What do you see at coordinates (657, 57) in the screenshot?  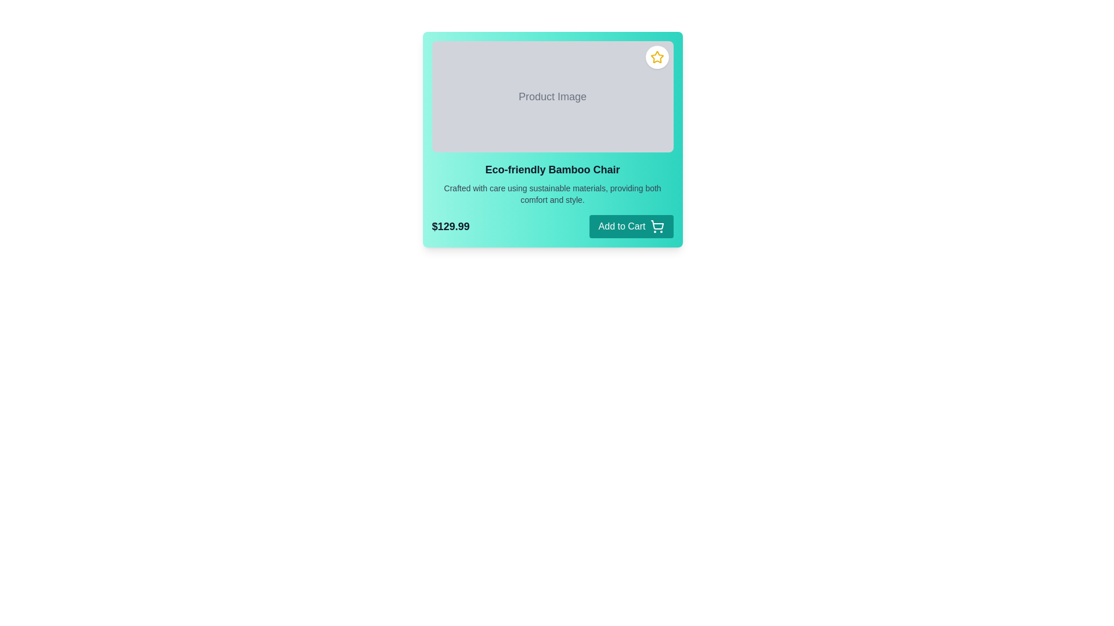 I see `the star icon located at the top-right area of the product card interface` at bounding box center [657, 57].